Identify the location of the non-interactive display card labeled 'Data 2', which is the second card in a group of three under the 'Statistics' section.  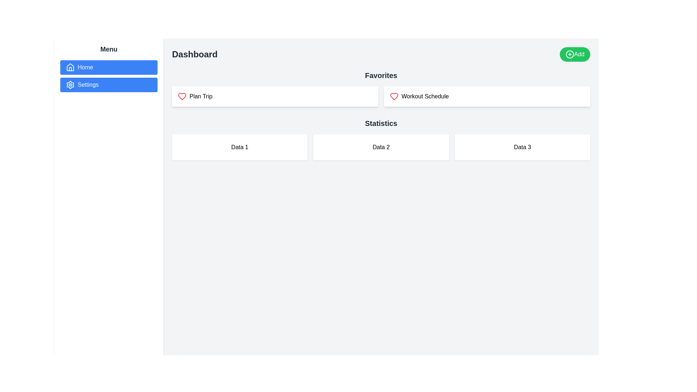
(381, 147).